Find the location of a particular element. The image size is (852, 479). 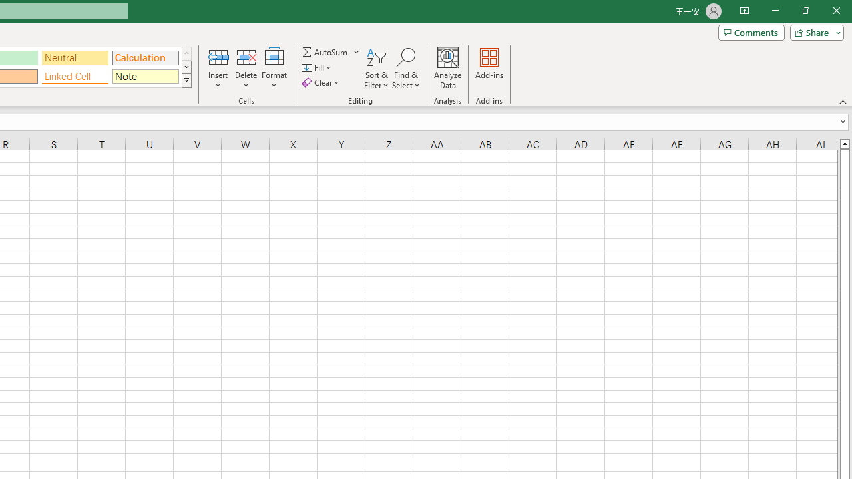

'Analyze Data' is located at coordinates (448, 69).